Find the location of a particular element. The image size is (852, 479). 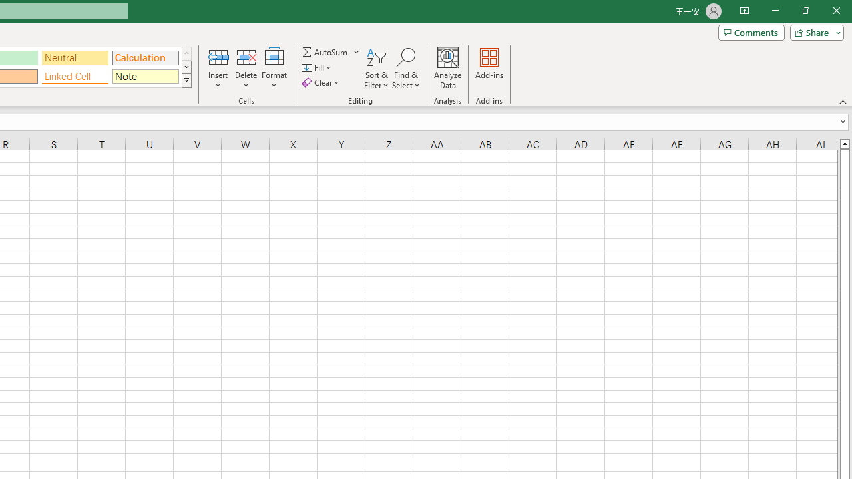

'Analyze Data' is located at coordinates (448, 69).